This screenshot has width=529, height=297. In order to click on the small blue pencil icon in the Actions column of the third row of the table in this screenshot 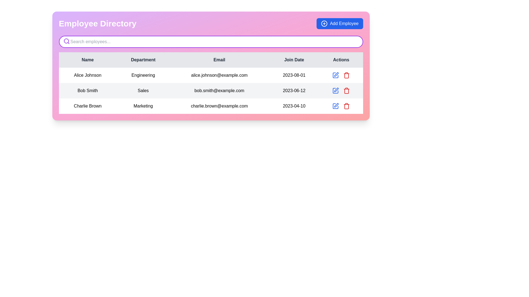, I will do `click(336, 105)`.